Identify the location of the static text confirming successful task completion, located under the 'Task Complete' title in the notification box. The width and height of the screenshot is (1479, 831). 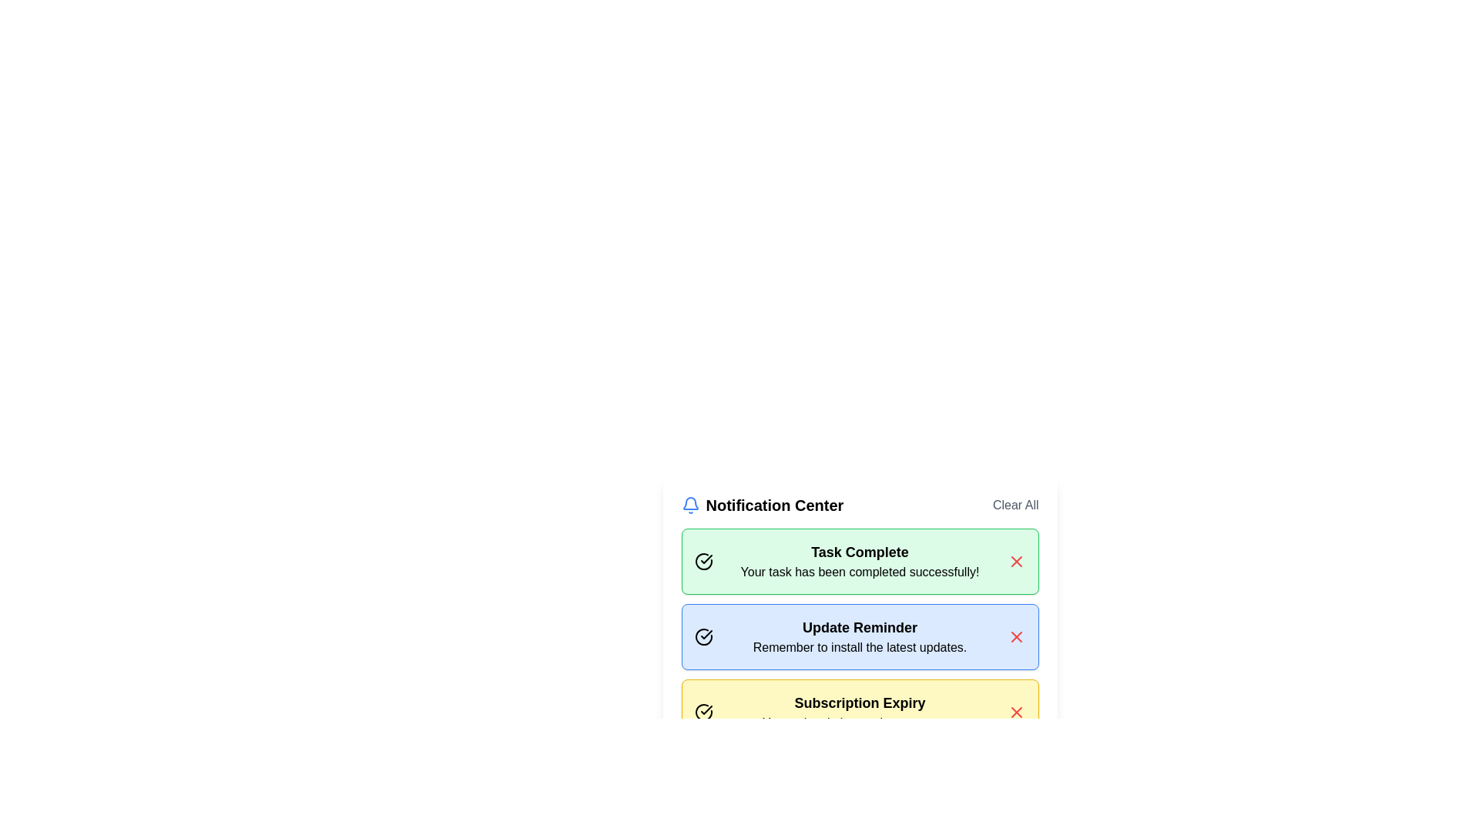
(859, 572).